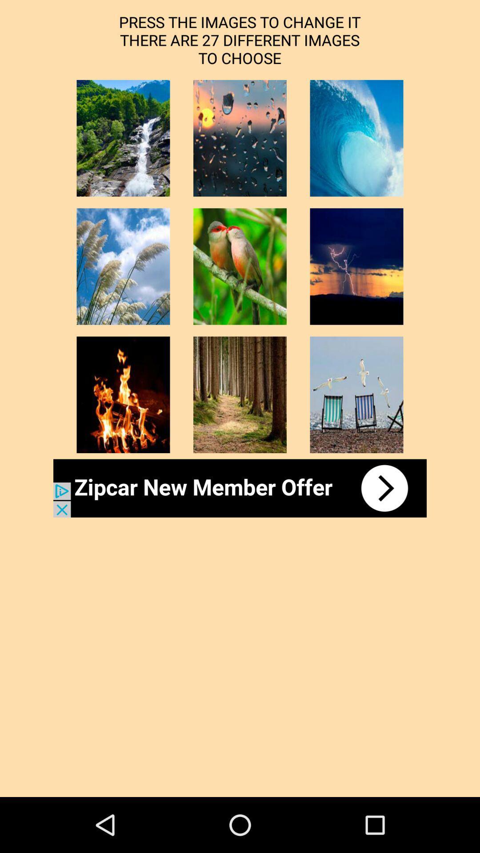  Describe the element at coordinates (356, 266) in the screenshot. I see `choose another image` at that location.